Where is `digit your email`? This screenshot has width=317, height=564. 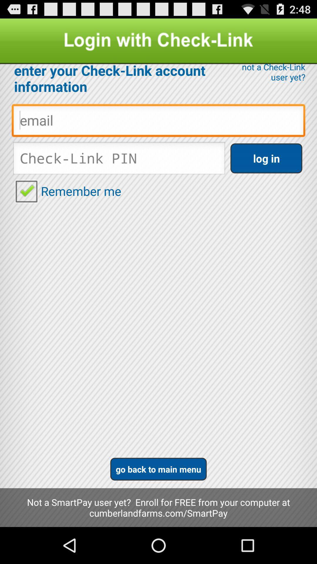
digit your email is located at coordinates (158, 122).